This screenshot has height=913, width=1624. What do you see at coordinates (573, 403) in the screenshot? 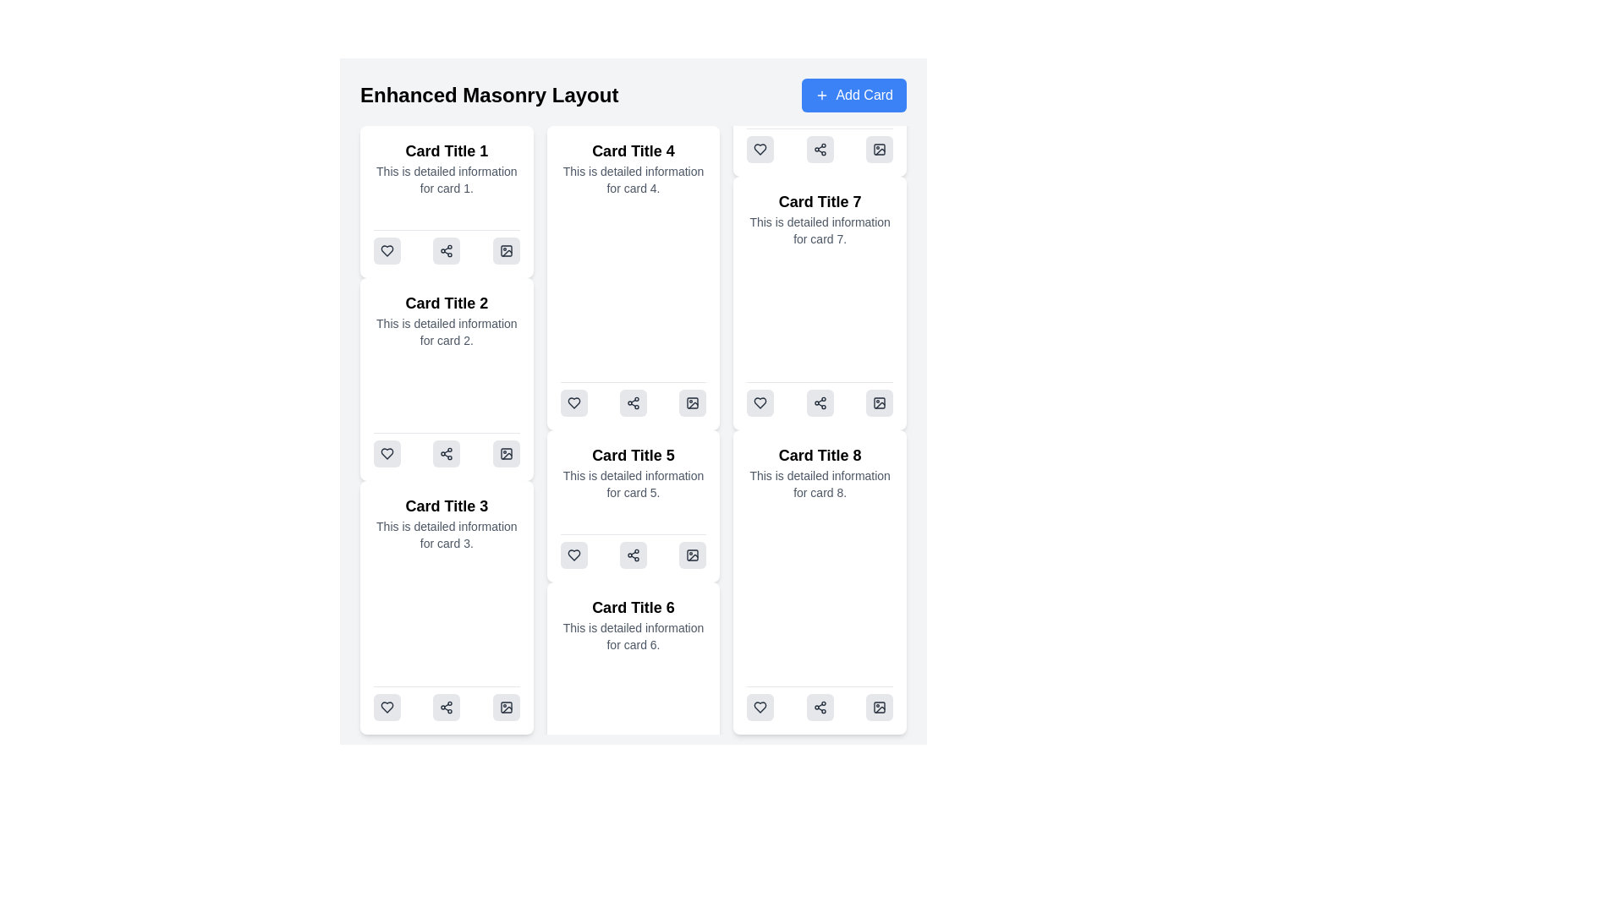
I see `the heart-shaped icon button located at the bottom-left of 'Card Title 5'` at bounding box center [573, 403].